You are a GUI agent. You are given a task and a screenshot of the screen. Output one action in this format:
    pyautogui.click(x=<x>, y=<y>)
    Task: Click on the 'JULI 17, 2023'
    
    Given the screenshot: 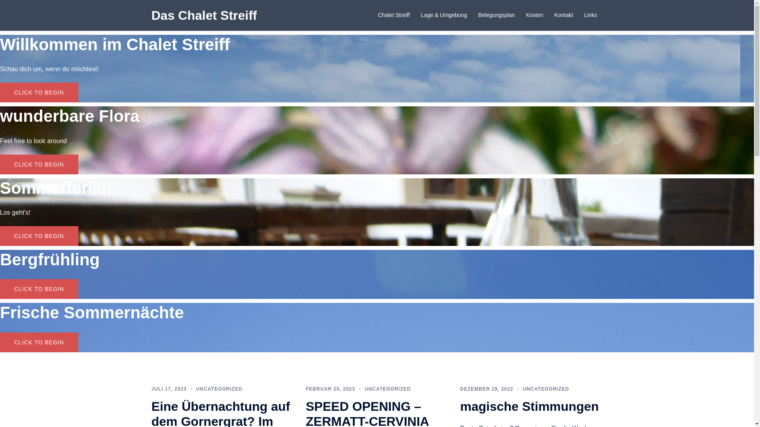 What is the action you would take?
    pyautogui.click(x=168, y=388)
    